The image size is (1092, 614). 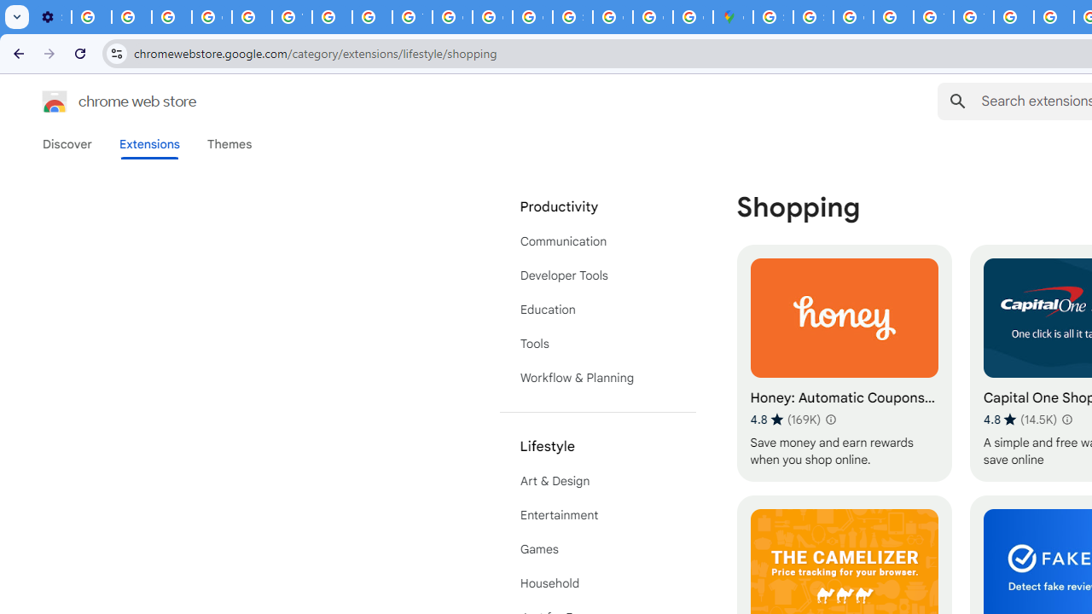 I want to click on 'Average rating 4.8 out of 5 stars. 14.5K ratings.', so click(x=1020, y=419).